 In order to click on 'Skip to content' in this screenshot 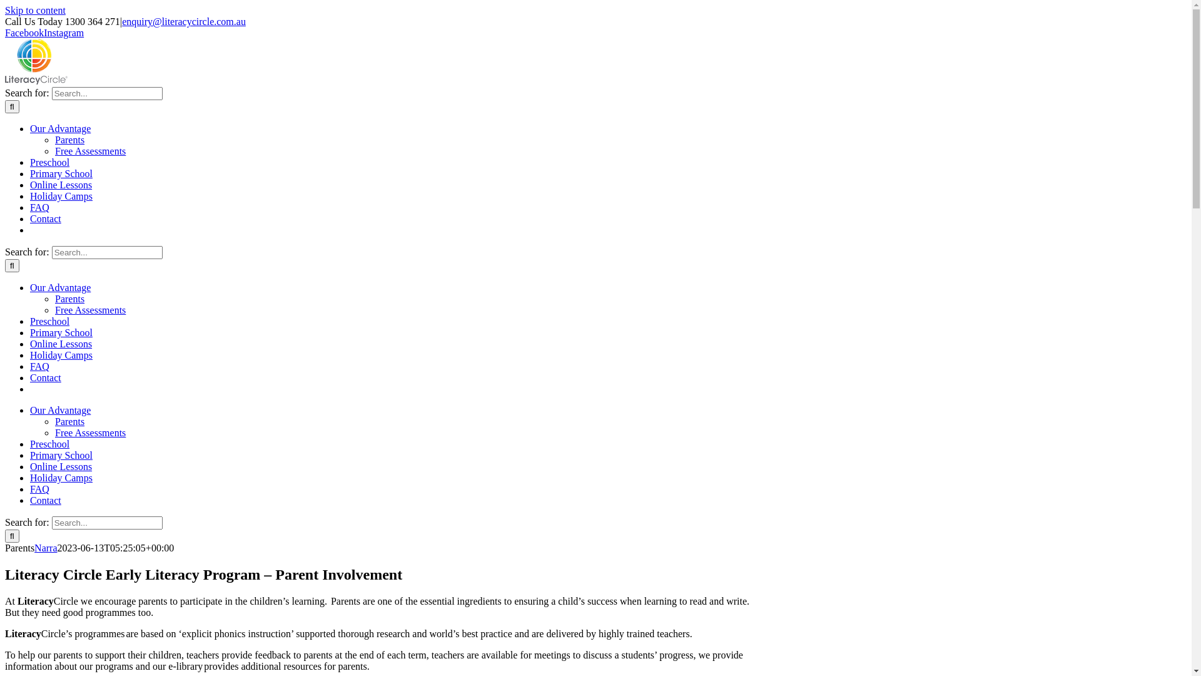, I will do `click(35, 10)`.